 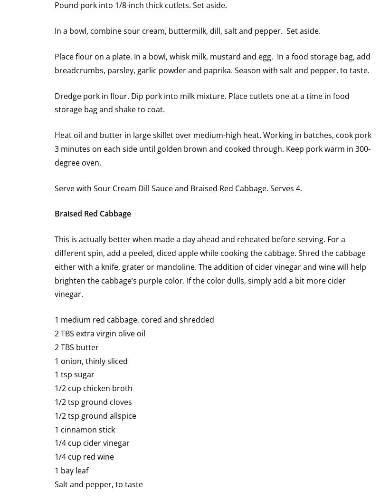 What do you see at coordinates (54, 320) in the screenshot?
I see `'1 medium red cabbage, cored and shredded'` at bounding box center [54, 320].